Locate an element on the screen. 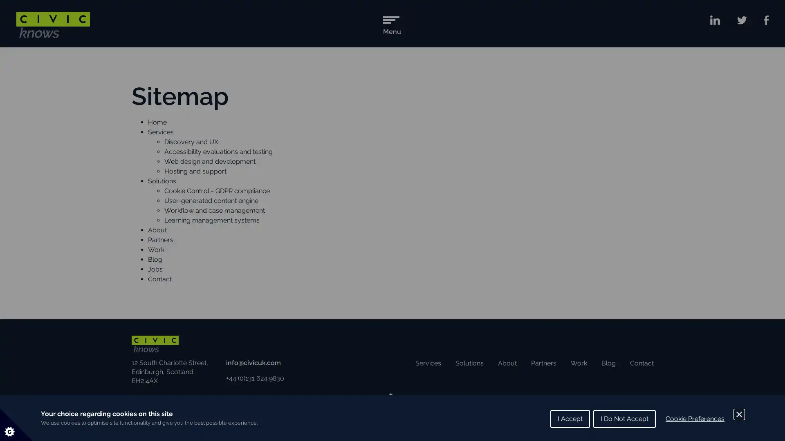  Cookie Preferences is located at coordinates (694, 419).